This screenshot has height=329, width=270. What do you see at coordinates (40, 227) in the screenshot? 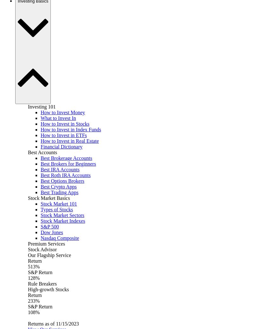
I see `'S&P 500'` at bounding box center [40, 227].